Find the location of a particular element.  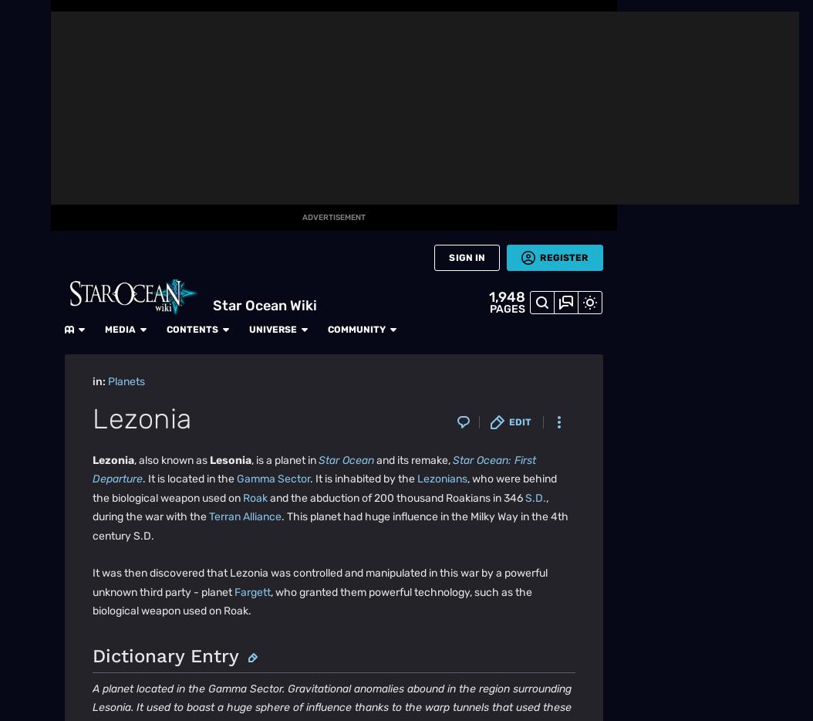

'Games' is located at coordinates (25, 221).